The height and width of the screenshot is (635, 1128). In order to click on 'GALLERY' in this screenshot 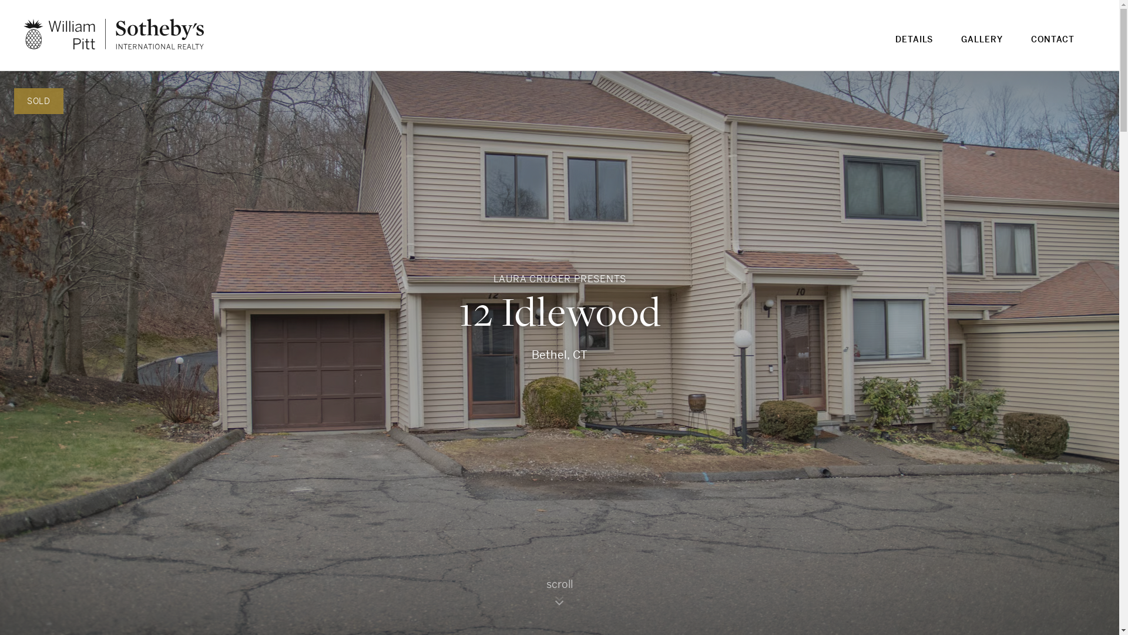, I will do `click(981, 46)`.